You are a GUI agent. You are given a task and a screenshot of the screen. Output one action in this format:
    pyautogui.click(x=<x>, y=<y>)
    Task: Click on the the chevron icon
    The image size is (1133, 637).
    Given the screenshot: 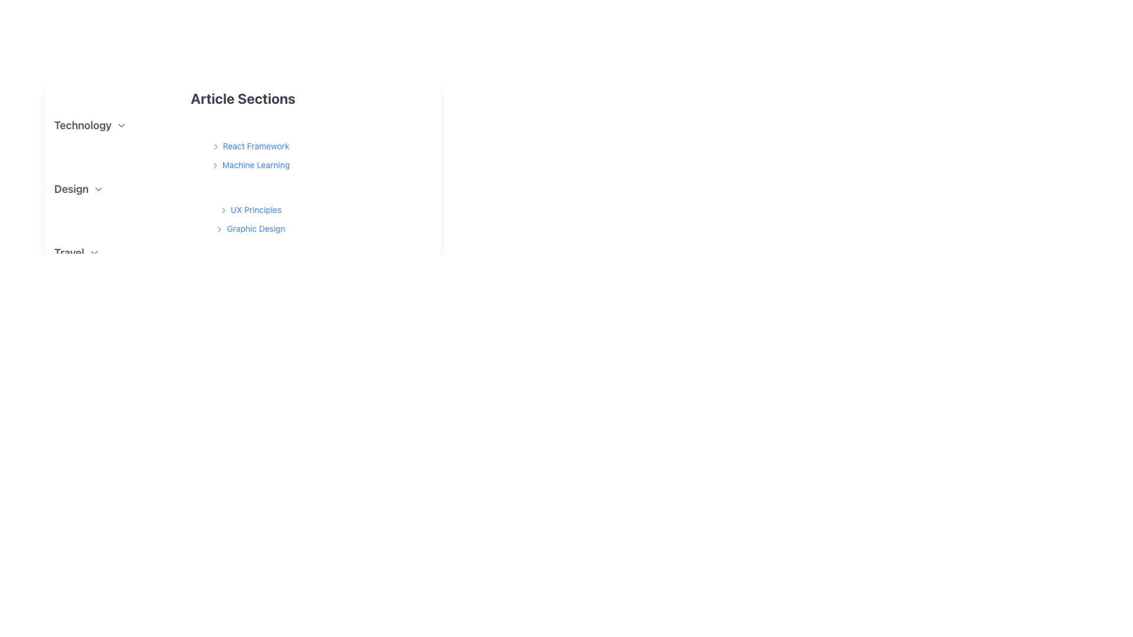 What is the action you would take?
    pyautogui.click(x=93, y=252)
    